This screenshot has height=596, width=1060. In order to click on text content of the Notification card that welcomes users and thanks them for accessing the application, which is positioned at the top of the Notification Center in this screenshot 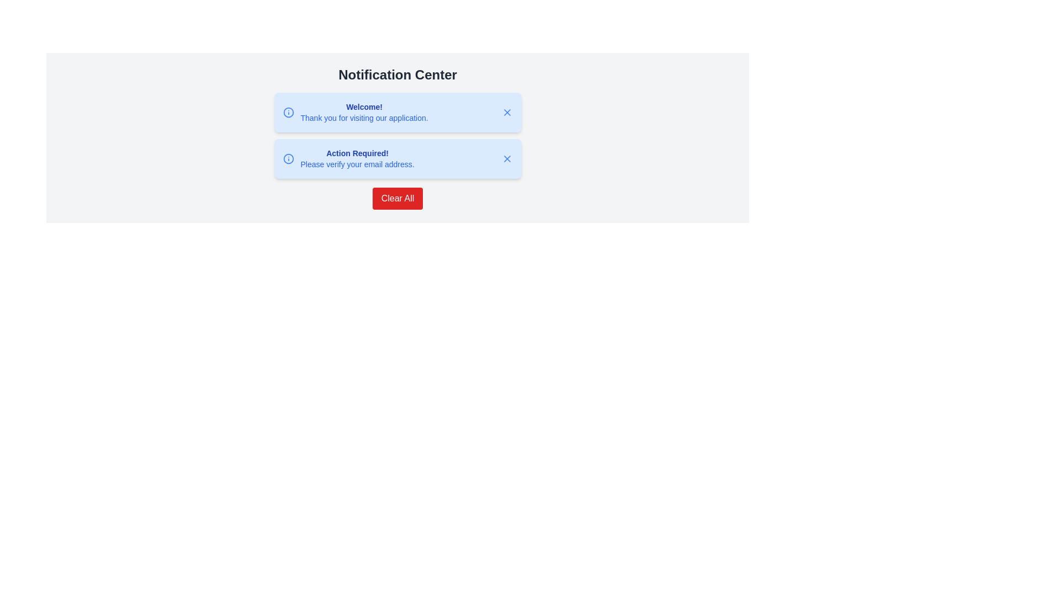, I will do `click(397, 113)`.